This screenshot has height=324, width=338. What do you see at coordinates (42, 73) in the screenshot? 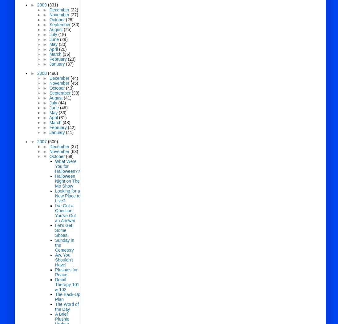
I see `'2008'` at bounding box center [42, 73].